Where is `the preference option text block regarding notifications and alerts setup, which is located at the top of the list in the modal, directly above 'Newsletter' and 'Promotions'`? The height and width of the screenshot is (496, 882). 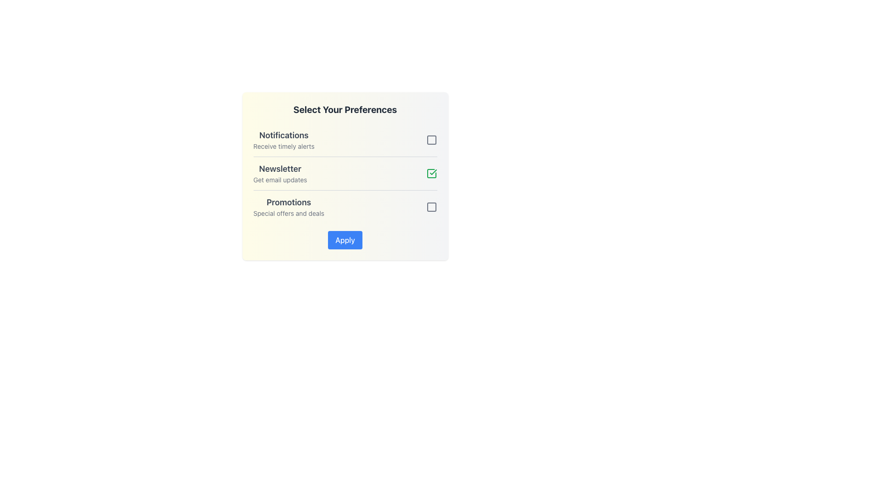
the preference option text block regarding notifications and alerts setup, which is located at the top of the list in the modal, directly above 'Newsletter' and 'Promotions' is located at coordinates (283, 140).